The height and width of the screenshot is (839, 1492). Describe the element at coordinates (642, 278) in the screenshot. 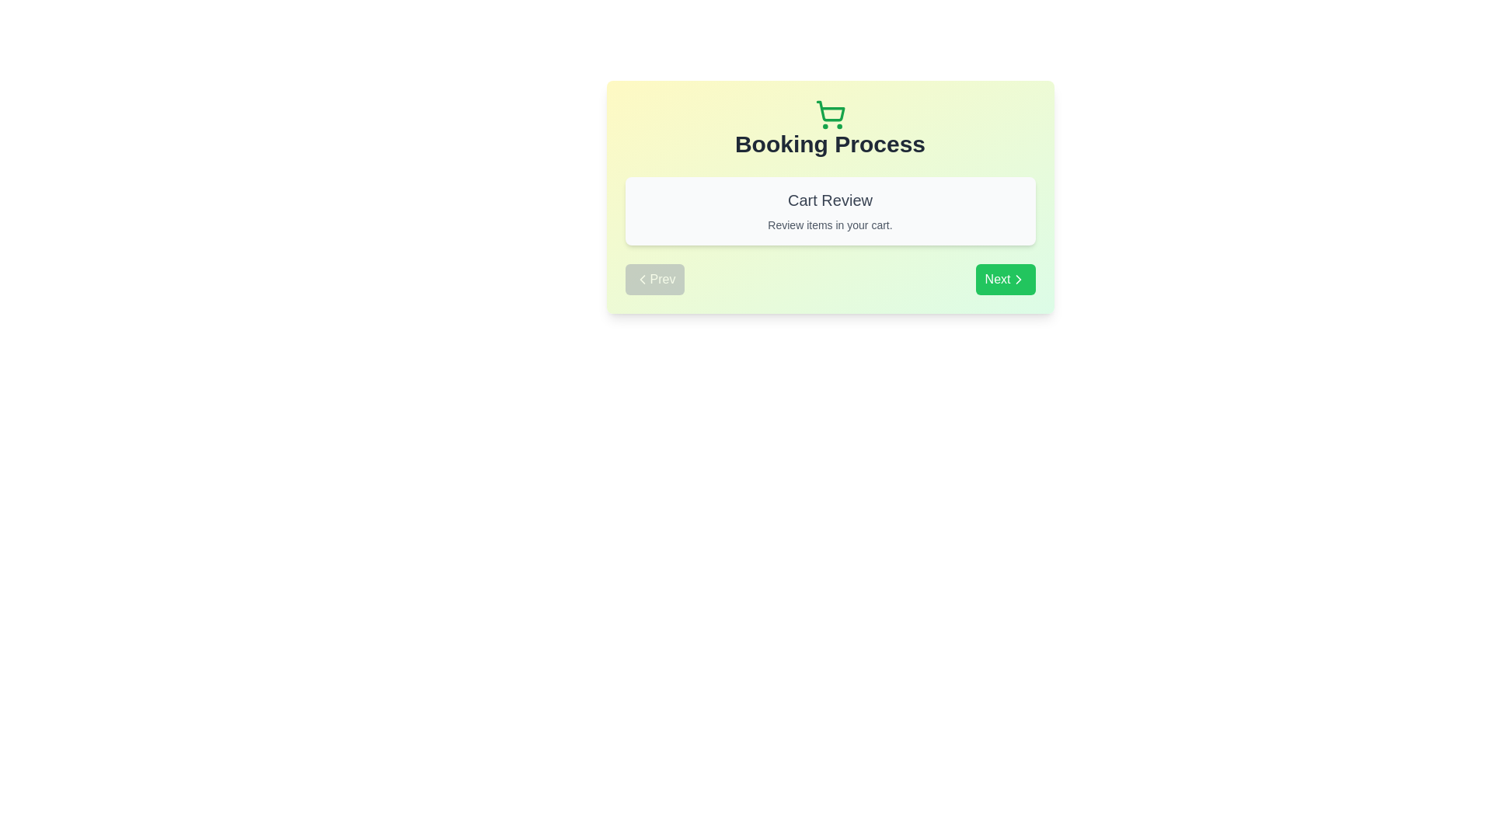

I see `the icon located near the left side of the 'Prev' button in the navigation bar at the bottom-left of the main content area` at that location.